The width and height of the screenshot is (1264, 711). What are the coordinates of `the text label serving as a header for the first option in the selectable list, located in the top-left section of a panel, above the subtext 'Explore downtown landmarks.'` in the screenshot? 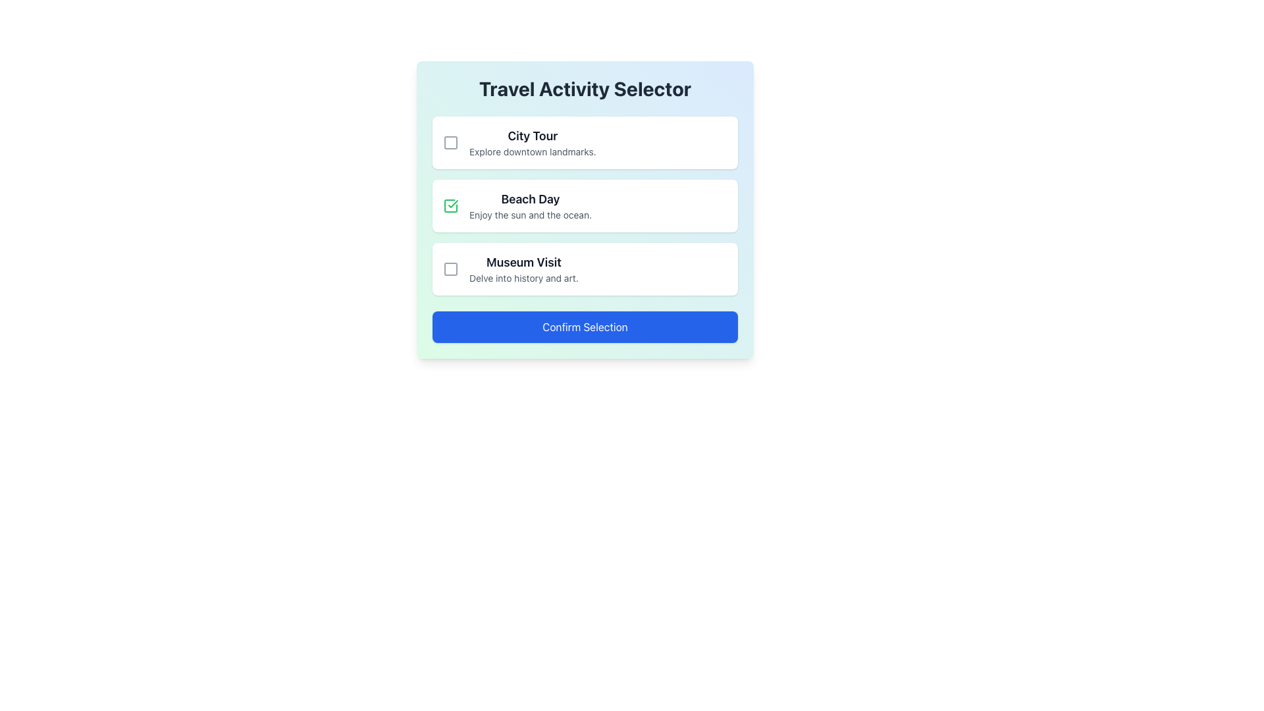 It's located at (533, 136).